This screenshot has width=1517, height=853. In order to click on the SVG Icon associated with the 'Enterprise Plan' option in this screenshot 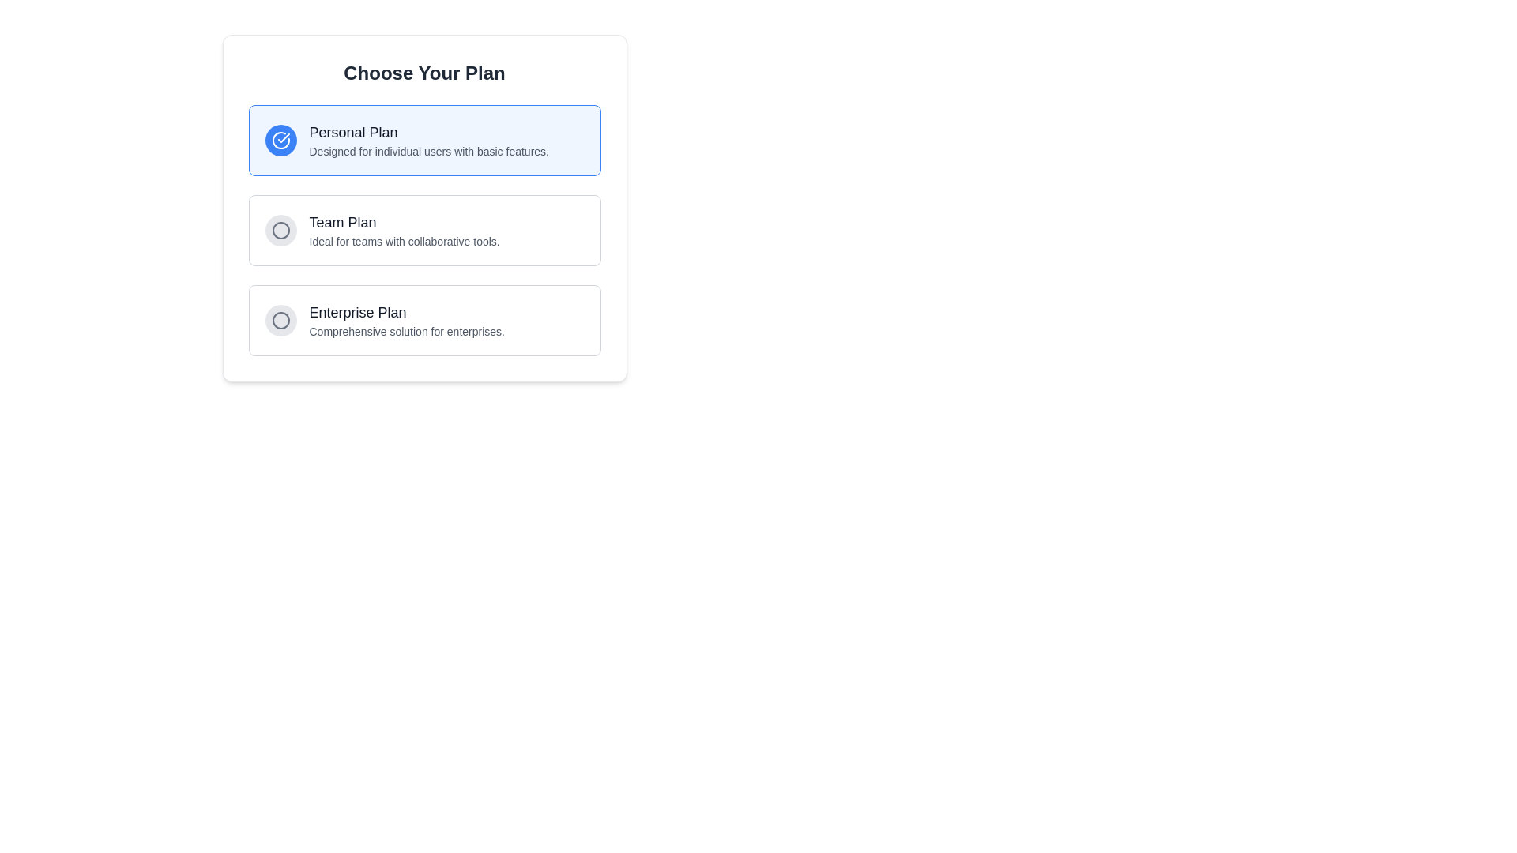, I will do `click(280, 320)`.